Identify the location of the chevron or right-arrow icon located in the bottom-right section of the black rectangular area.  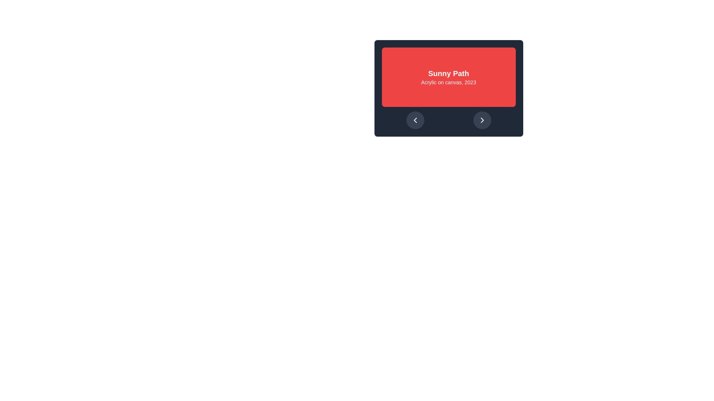
(482, 120).